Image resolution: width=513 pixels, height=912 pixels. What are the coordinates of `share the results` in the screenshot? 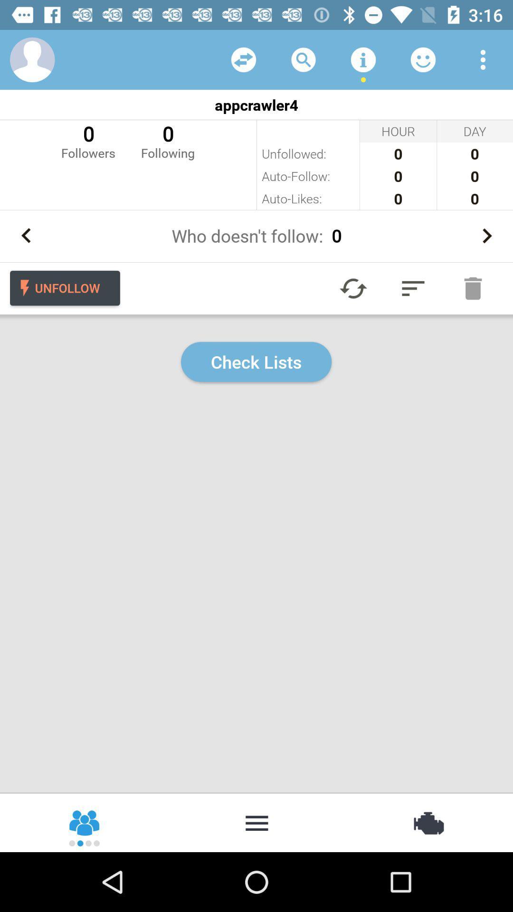 It's located at (85, 822).